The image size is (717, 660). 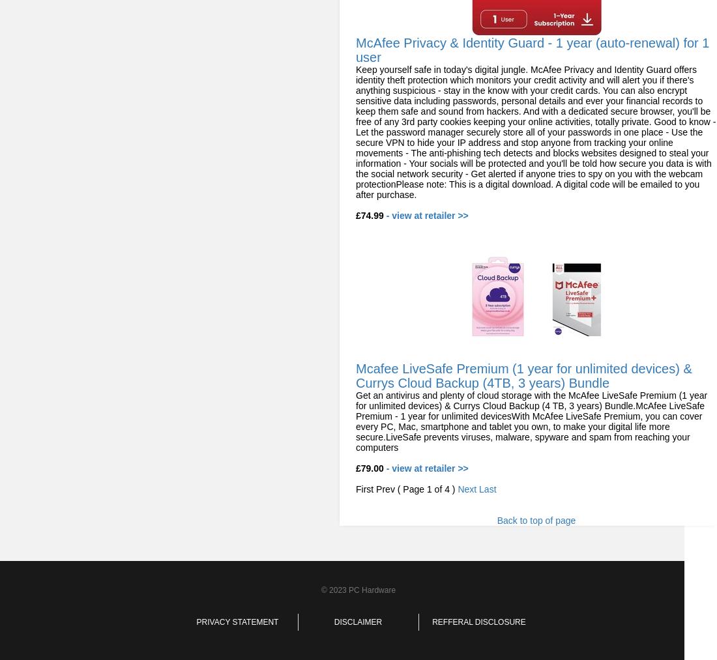 What do you see at coordinates (356, 421) in the screenshot?
I see `'Get an antivirus and plenty of cloud storage with the McAfee LiveSafe Premium (1 year for unlimited devices) & Currys Cloud Backup (4 TB, 3 years) Bundle.McAfee LiveSafe Premium - 1 year for unlimited devicesWith McAfee LiveSafe Premium, you can cover every PC, Mac, smartphone and tablet you own, to make your digital life more secure.LiveSafe prevents viruses, malware, spyware and spam from reaching your computers'` at bounding box center [356, 421].